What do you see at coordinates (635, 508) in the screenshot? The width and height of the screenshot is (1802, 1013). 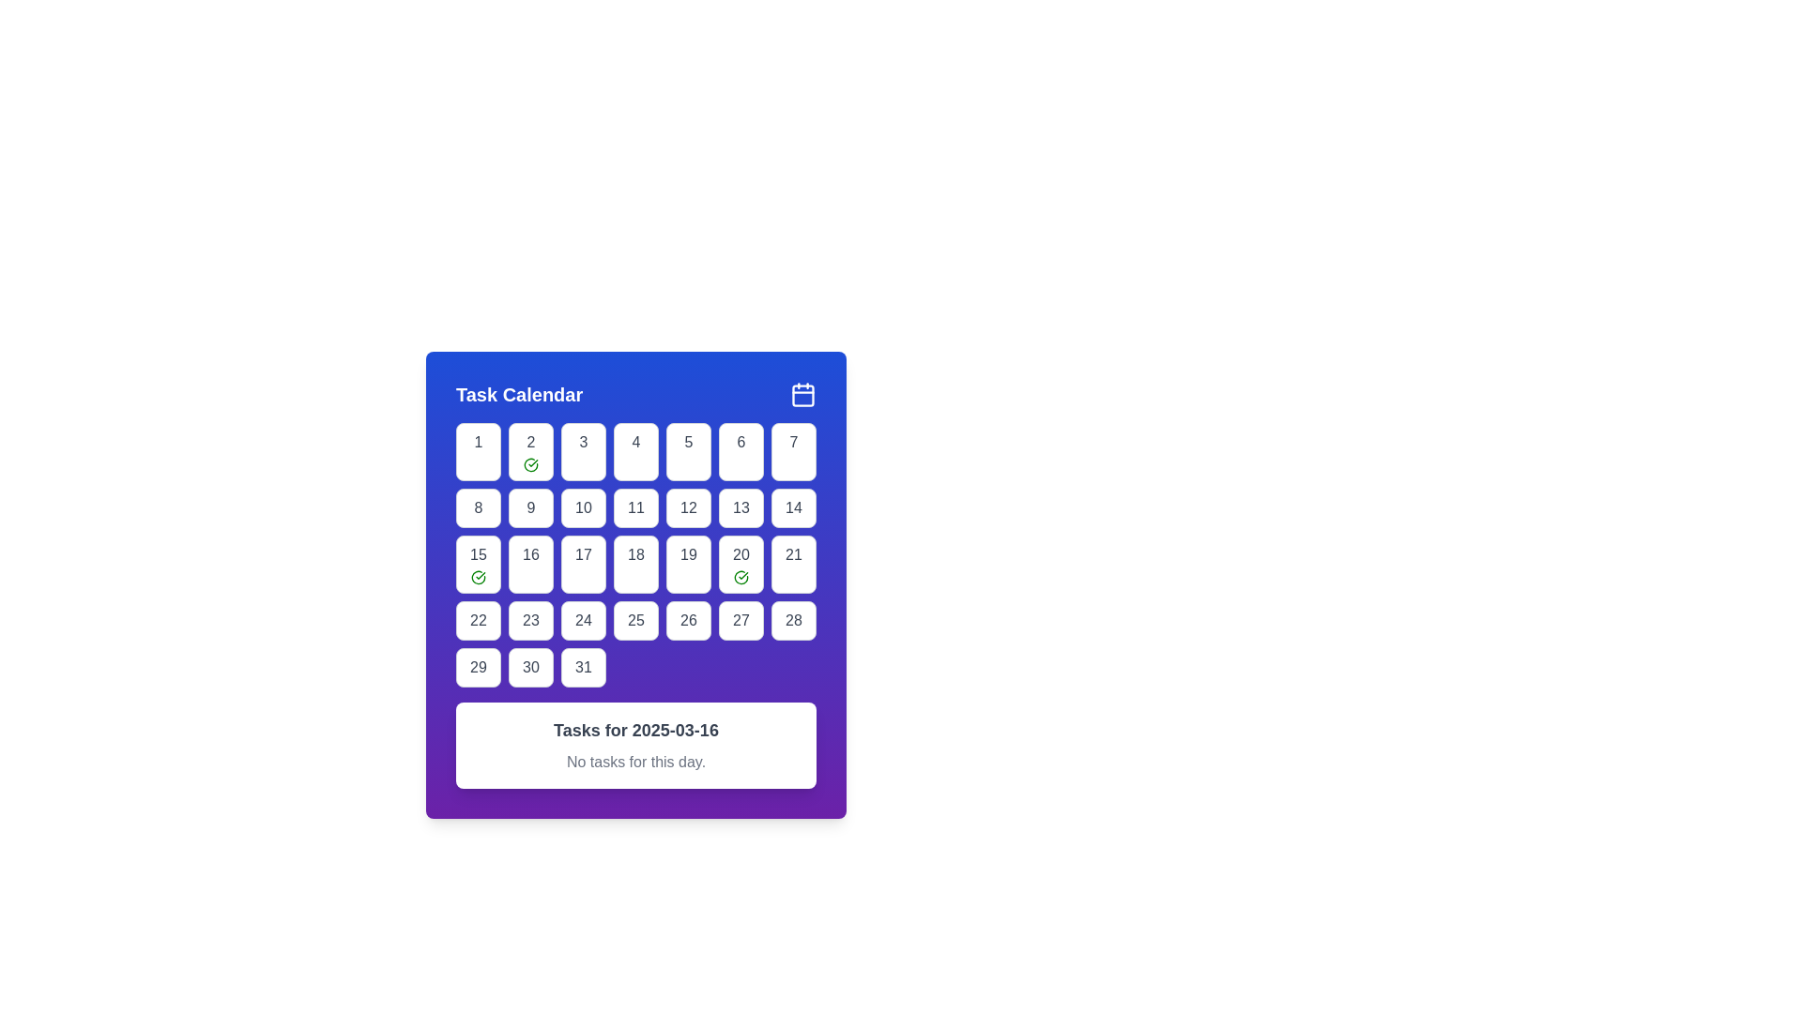 I see `the rectangular button displaying the digit '11', styled with rounded corners and a white background` at bounding box center [635, 508].